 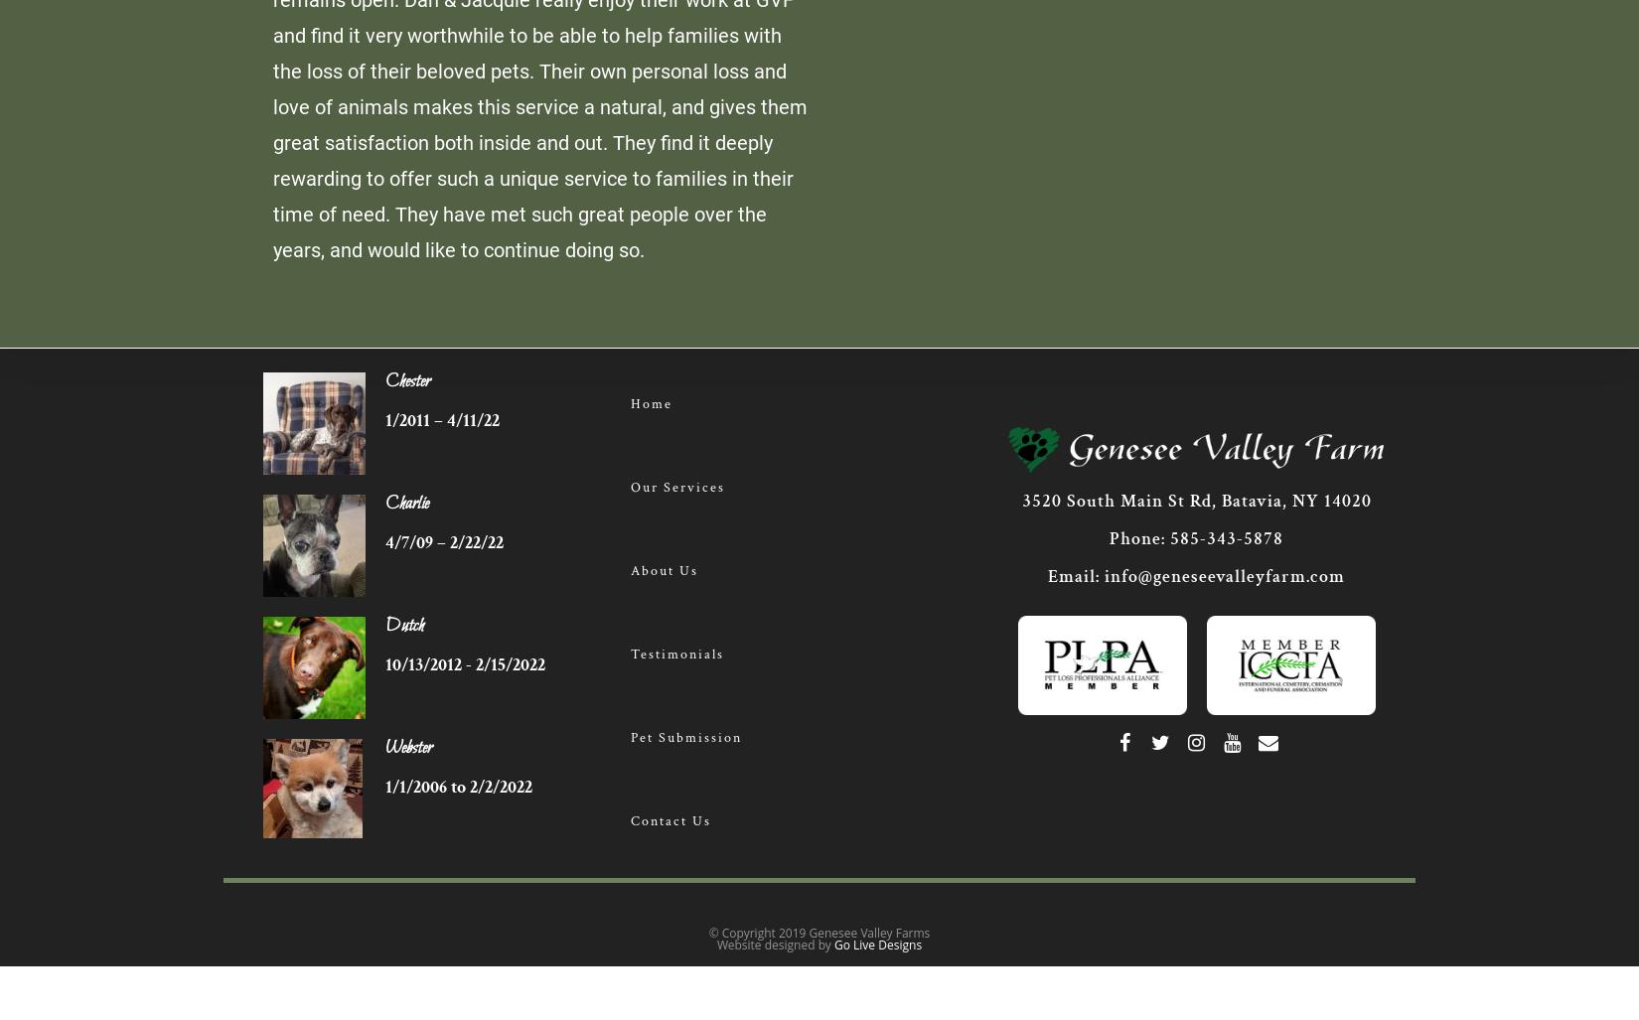 What do you see at coordinates (662, 571) in the screenshot?
I see `'About Us'` at bounding box center [662, 571].